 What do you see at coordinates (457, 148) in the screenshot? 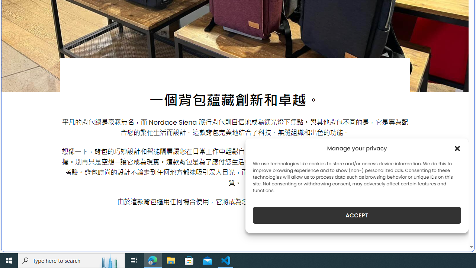
I see `'Class: cmplz-close'` at bounding box center [457, 148].